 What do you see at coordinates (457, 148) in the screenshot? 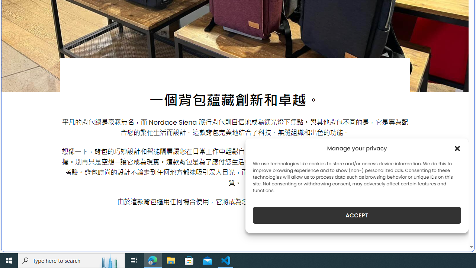
I see `'Class: cmplz-close'` at bounding box center [457, 148].